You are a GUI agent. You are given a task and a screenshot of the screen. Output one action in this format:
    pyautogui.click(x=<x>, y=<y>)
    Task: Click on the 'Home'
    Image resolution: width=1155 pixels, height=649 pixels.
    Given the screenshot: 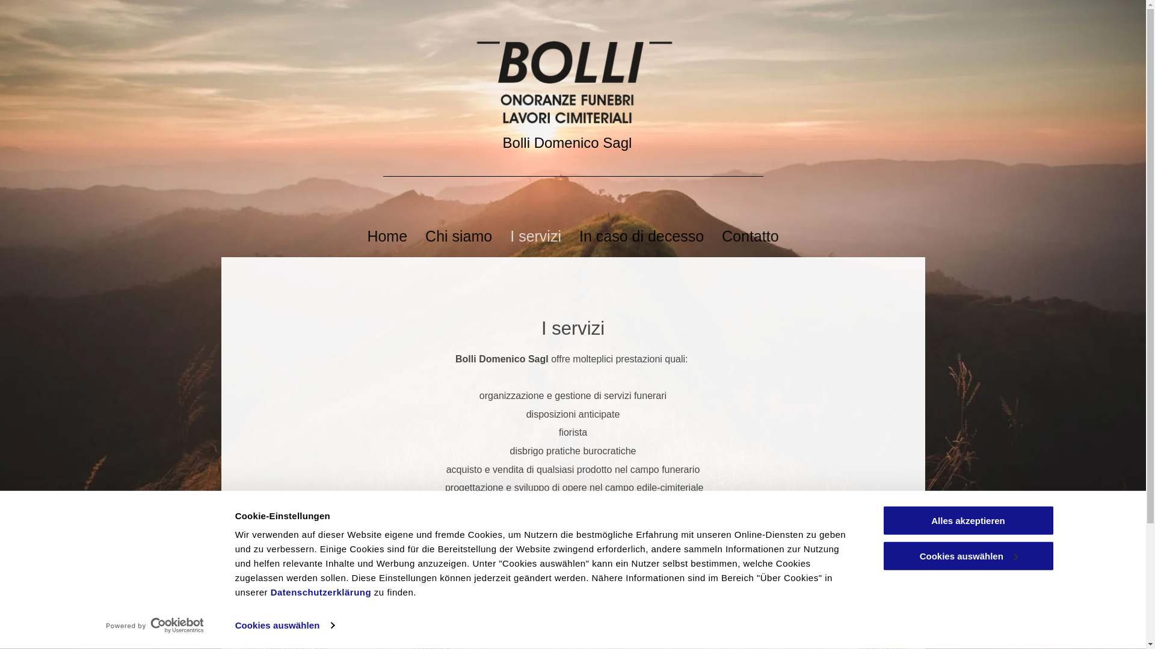 What is the action you would take?
    pyautogui.click(x=387, y=236)
    